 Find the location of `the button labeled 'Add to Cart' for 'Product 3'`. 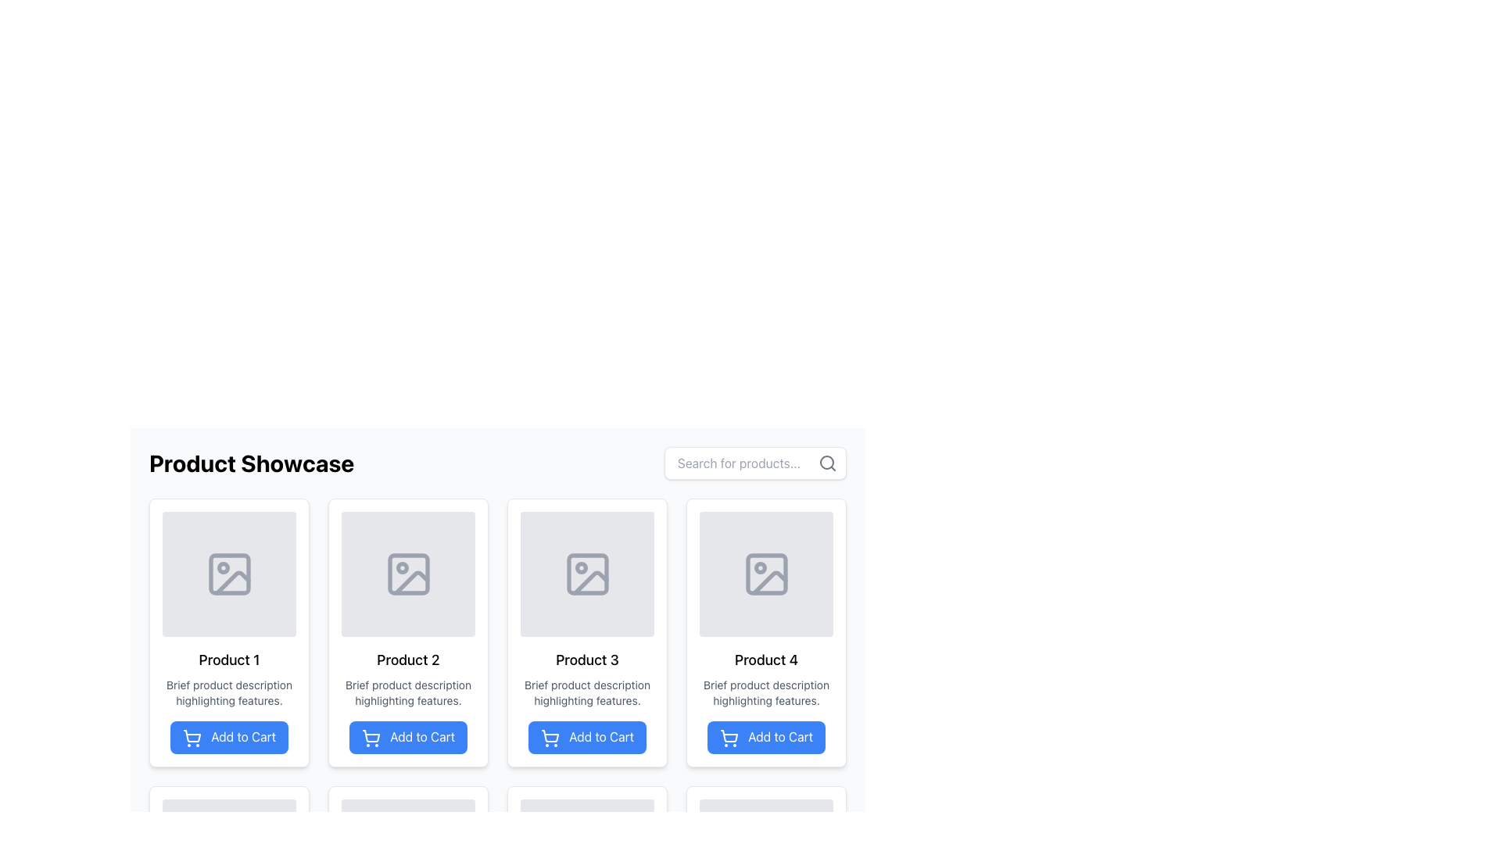

the button labeled 'Add to Cart' for 'Product 3' is located at coordinates (586, 737).